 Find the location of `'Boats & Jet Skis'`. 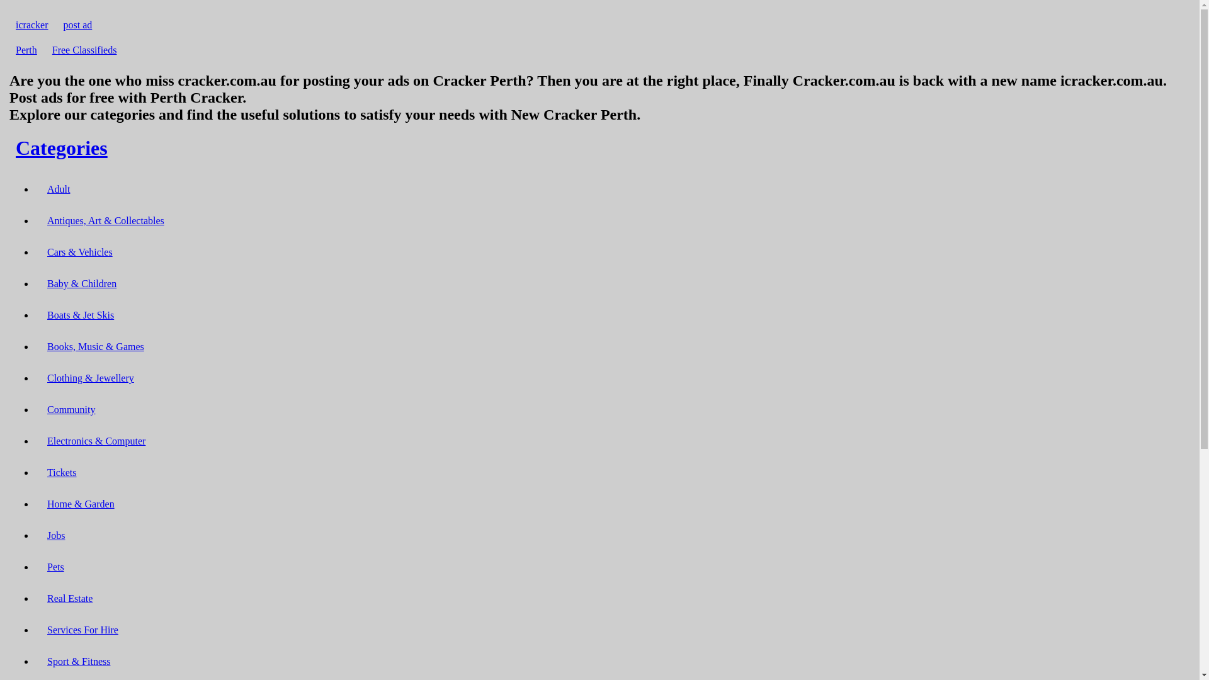

'Boats & Jet Skis' is located at coordinates (80, 314).